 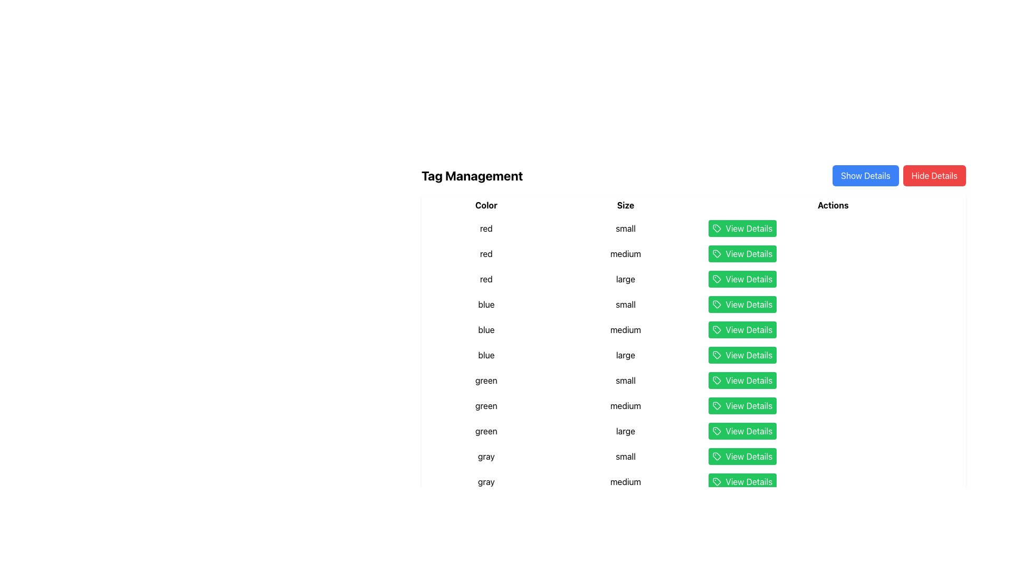 What do you see at coordinates (742, 381) in the screenshot?
I see `the 'View Details' button with a green background and white text located in the 'Actions' column of the table, specifically the eighth button in the sequence` at bounding box center [742, 381].